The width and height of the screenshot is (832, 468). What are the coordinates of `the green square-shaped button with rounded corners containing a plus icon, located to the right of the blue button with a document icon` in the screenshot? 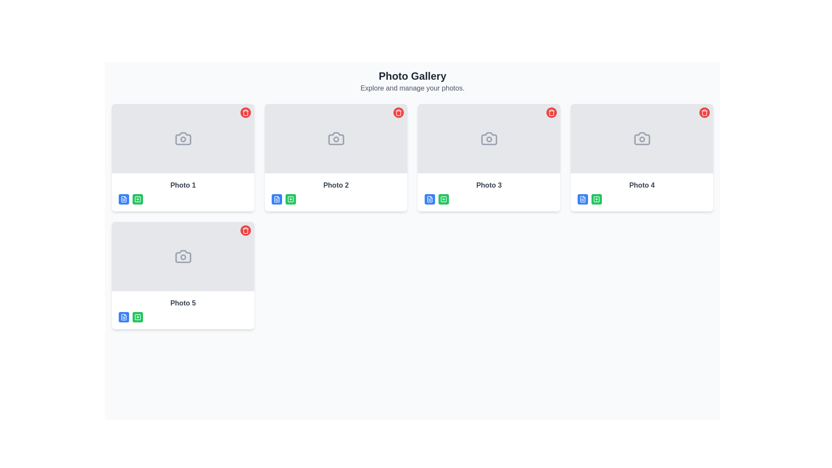 It's located at (596, 199).